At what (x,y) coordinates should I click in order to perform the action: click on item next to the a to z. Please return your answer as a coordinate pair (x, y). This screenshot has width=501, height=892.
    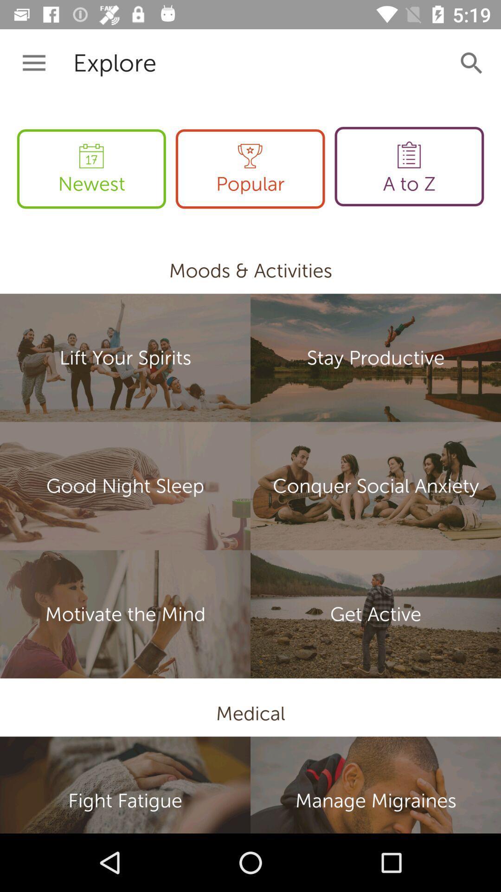
    Looking at the image, I should click on (250, 169).